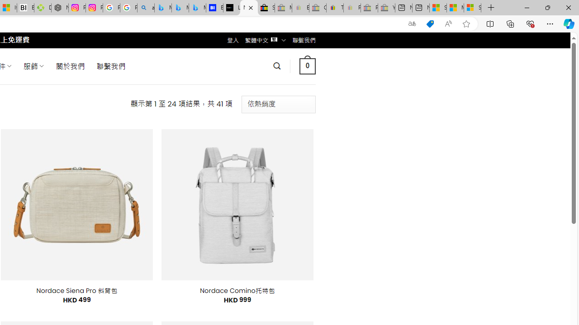 The width and height of the screenshot is (579, 325). Describe the element at coordinates (369, 8) in the screenshot. I see `'Press Room - eBay Inc. - Sleeping'` at that location.